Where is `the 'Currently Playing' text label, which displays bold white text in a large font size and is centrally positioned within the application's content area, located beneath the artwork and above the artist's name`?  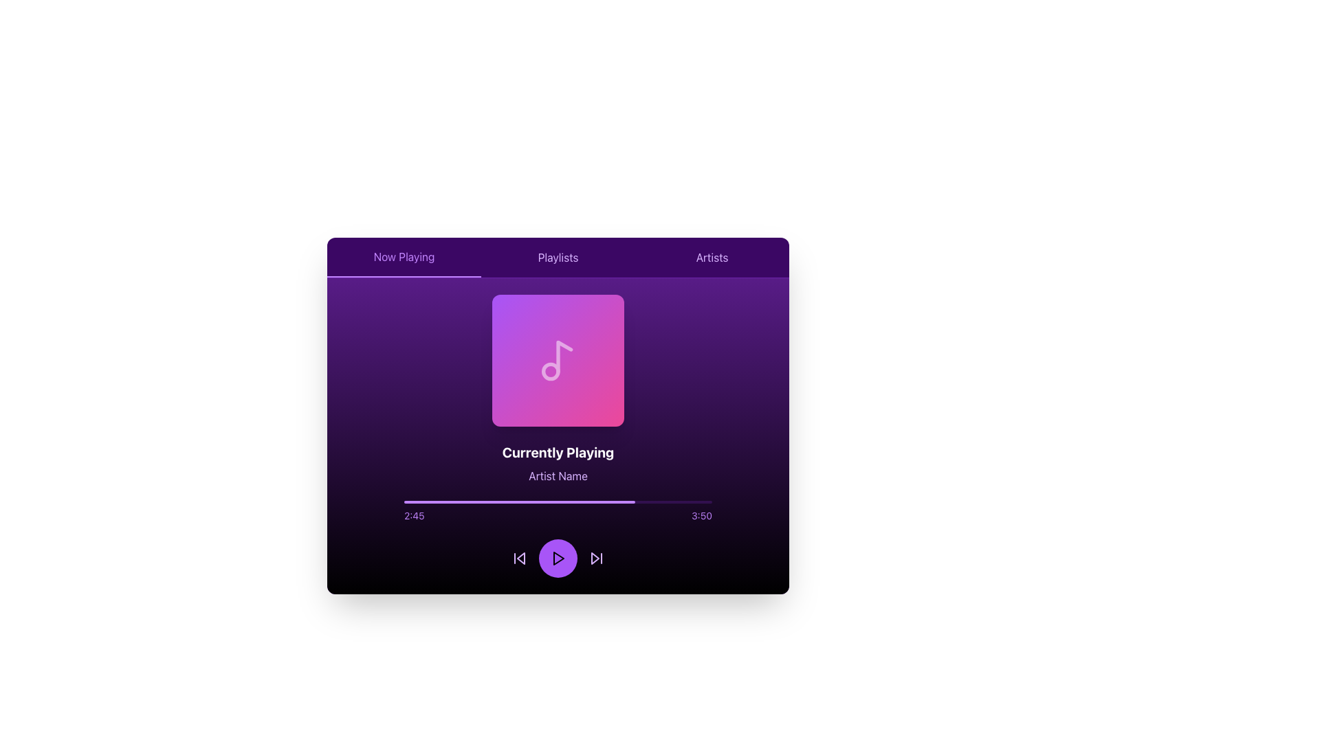
the 'Currently Playing' text label, which displays bold white text in a large font size and is centrally positioned within the application's content area, located beneath the artwork and above the artist's name is located at coordinates (558, 453).